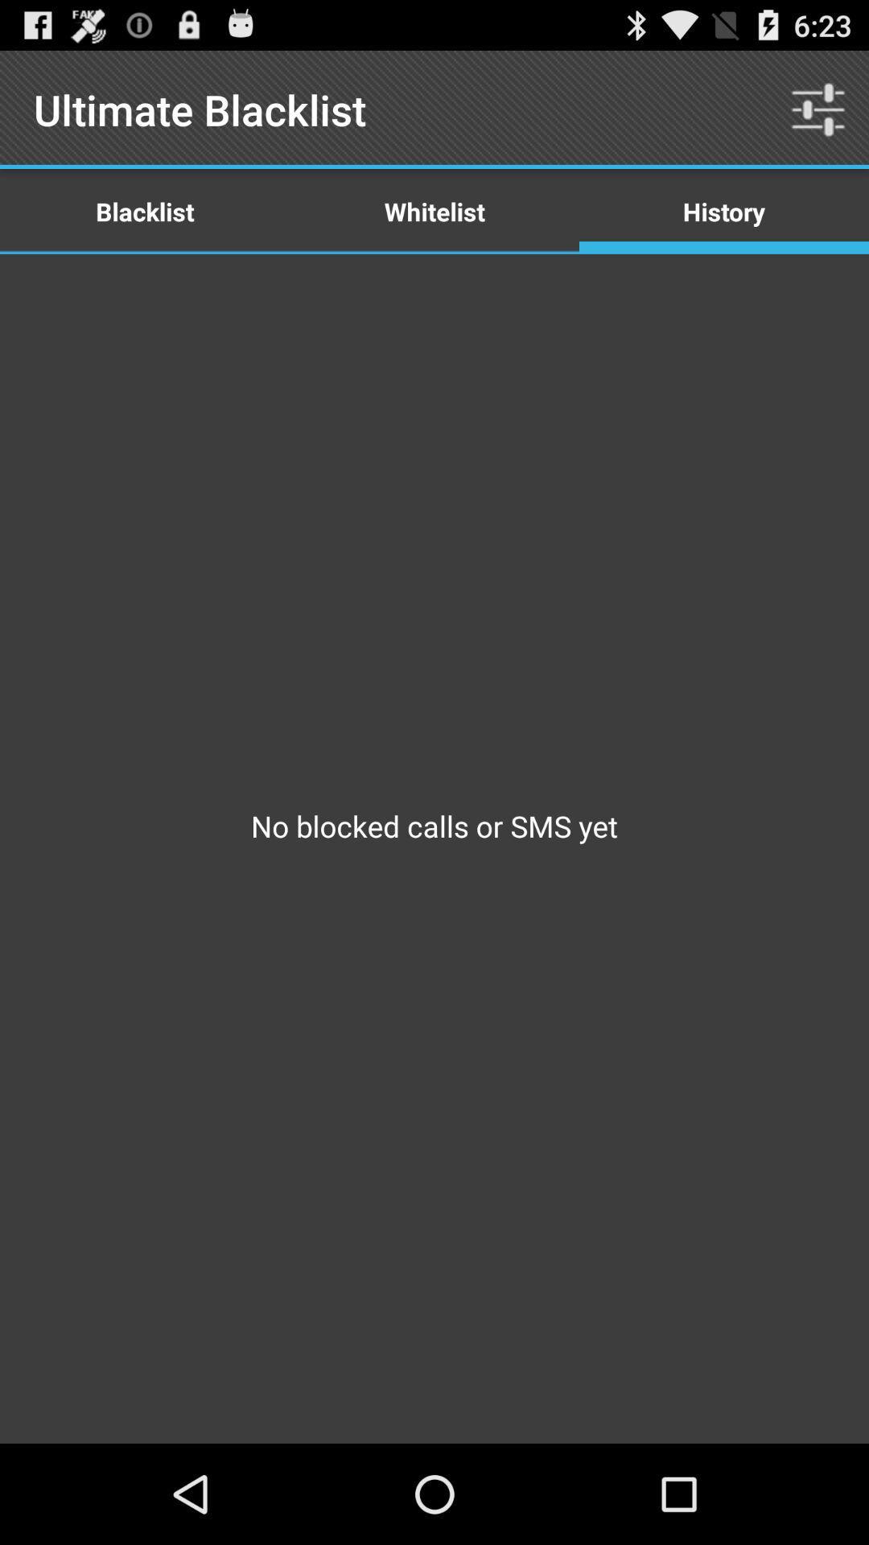 Image resolution: width=869 pixels, height=1545 pixels. What do you see at coordinates (723, 210) in the screenshot?
I see `the icon above no blocked calls item` at bounding box center [723, 210].